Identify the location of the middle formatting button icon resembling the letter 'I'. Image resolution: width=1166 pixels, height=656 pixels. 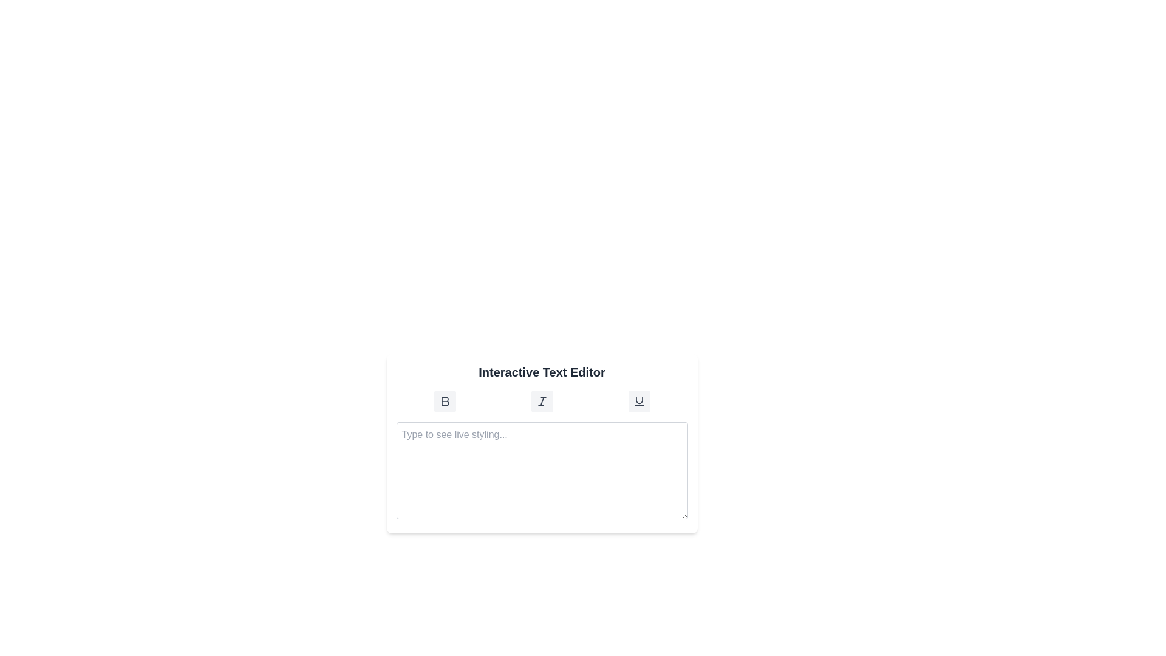
(541, 401).